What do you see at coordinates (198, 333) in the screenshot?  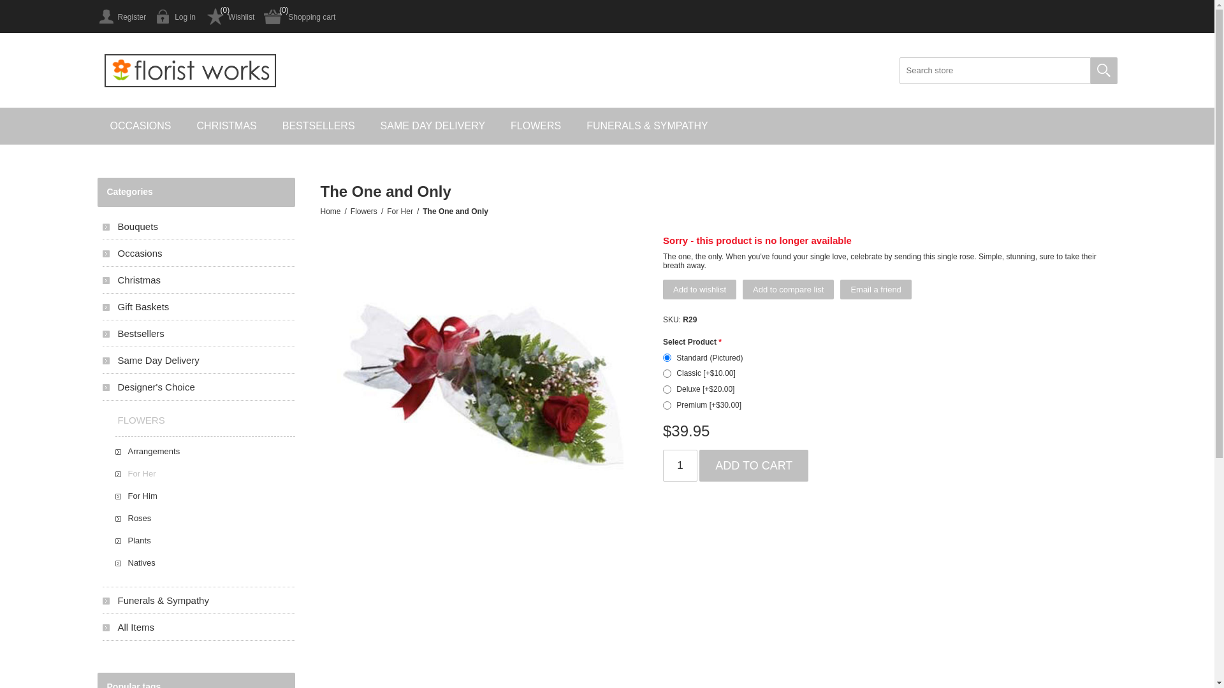 I see `'Bestsellers'` at bounding box center [198, 333].